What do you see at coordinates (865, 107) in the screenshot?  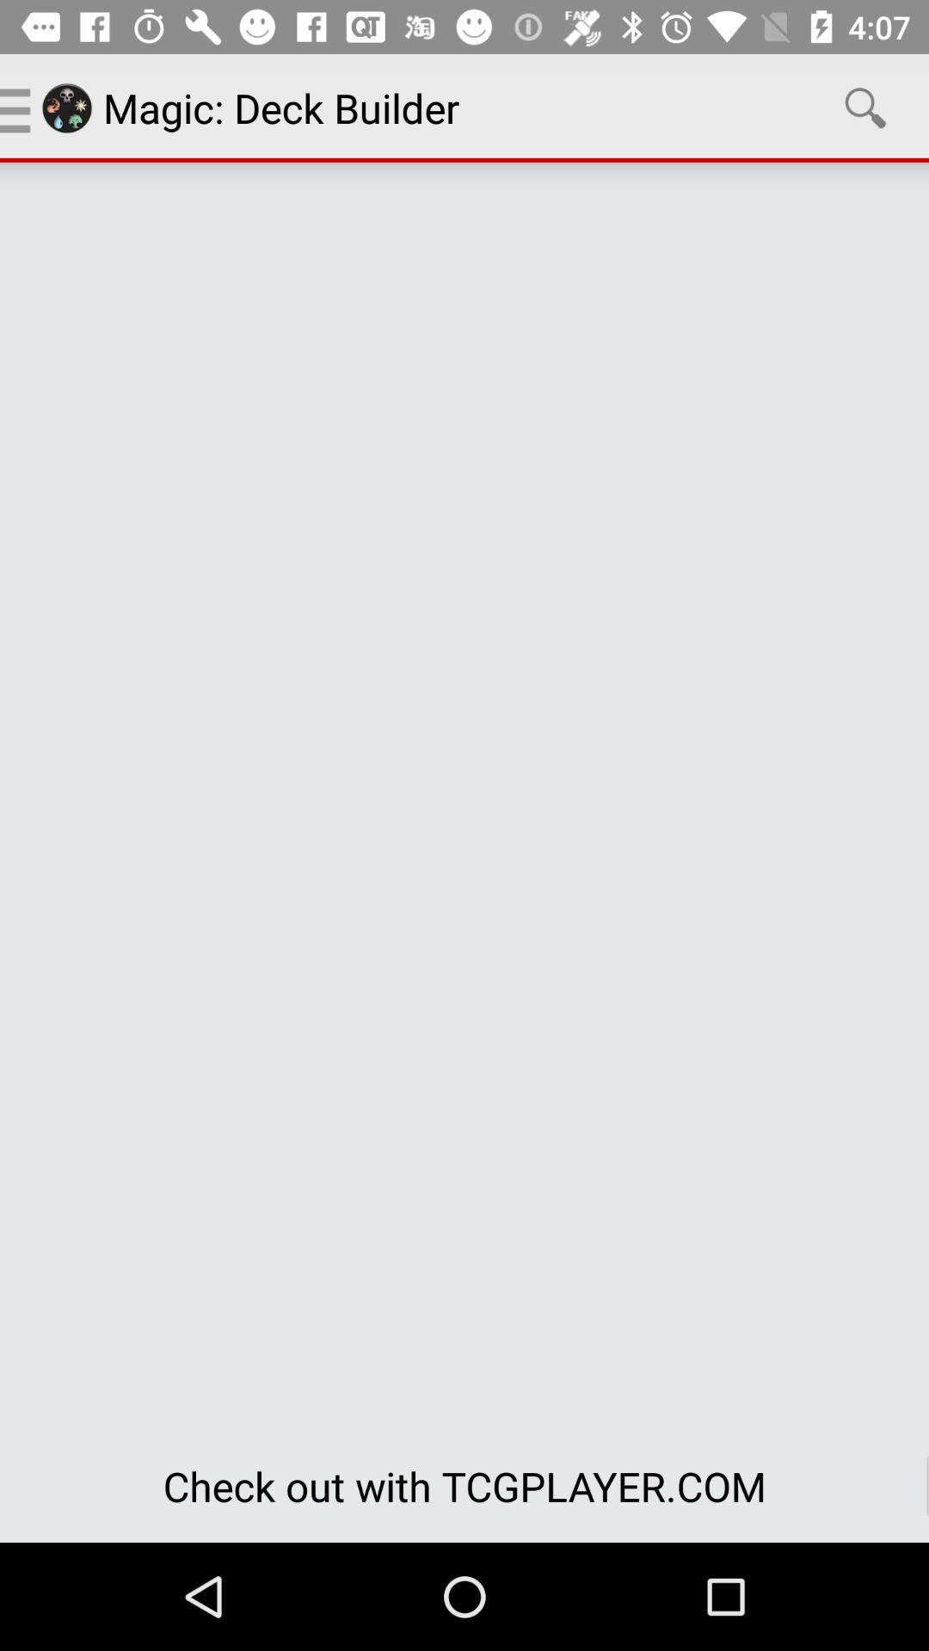 I see `app to the right of magic: deck builder app` at bounding box center [865, 107].